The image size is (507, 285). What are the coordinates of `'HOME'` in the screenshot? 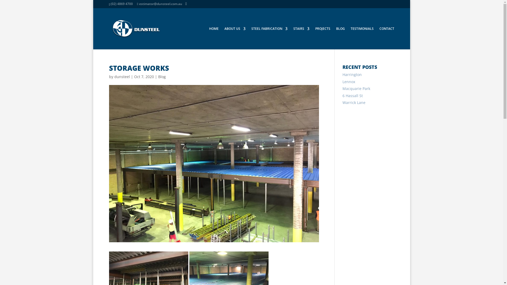 It's located at (214, 38).